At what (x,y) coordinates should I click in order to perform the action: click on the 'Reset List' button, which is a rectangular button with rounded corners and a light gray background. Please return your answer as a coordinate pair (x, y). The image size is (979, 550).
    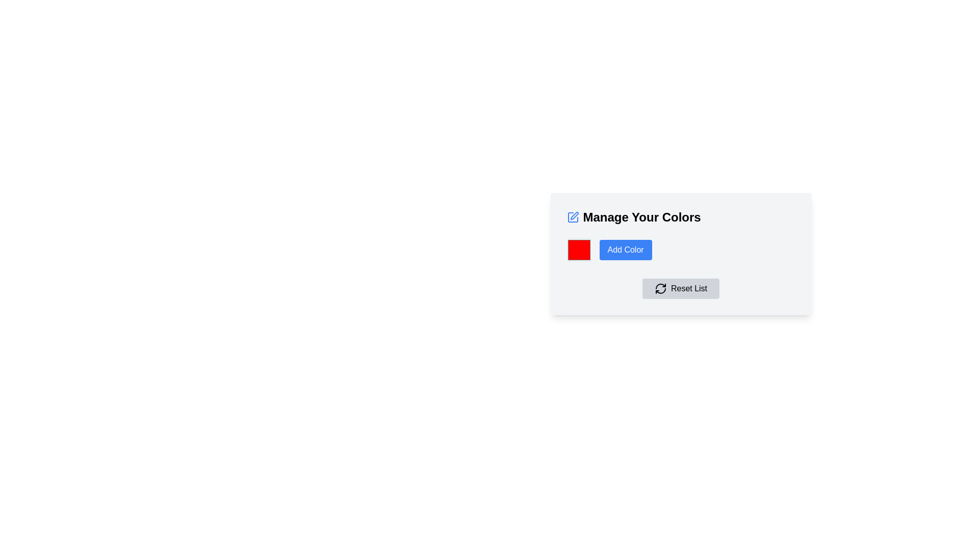
    Looking at the image, I should click on (681, 289).